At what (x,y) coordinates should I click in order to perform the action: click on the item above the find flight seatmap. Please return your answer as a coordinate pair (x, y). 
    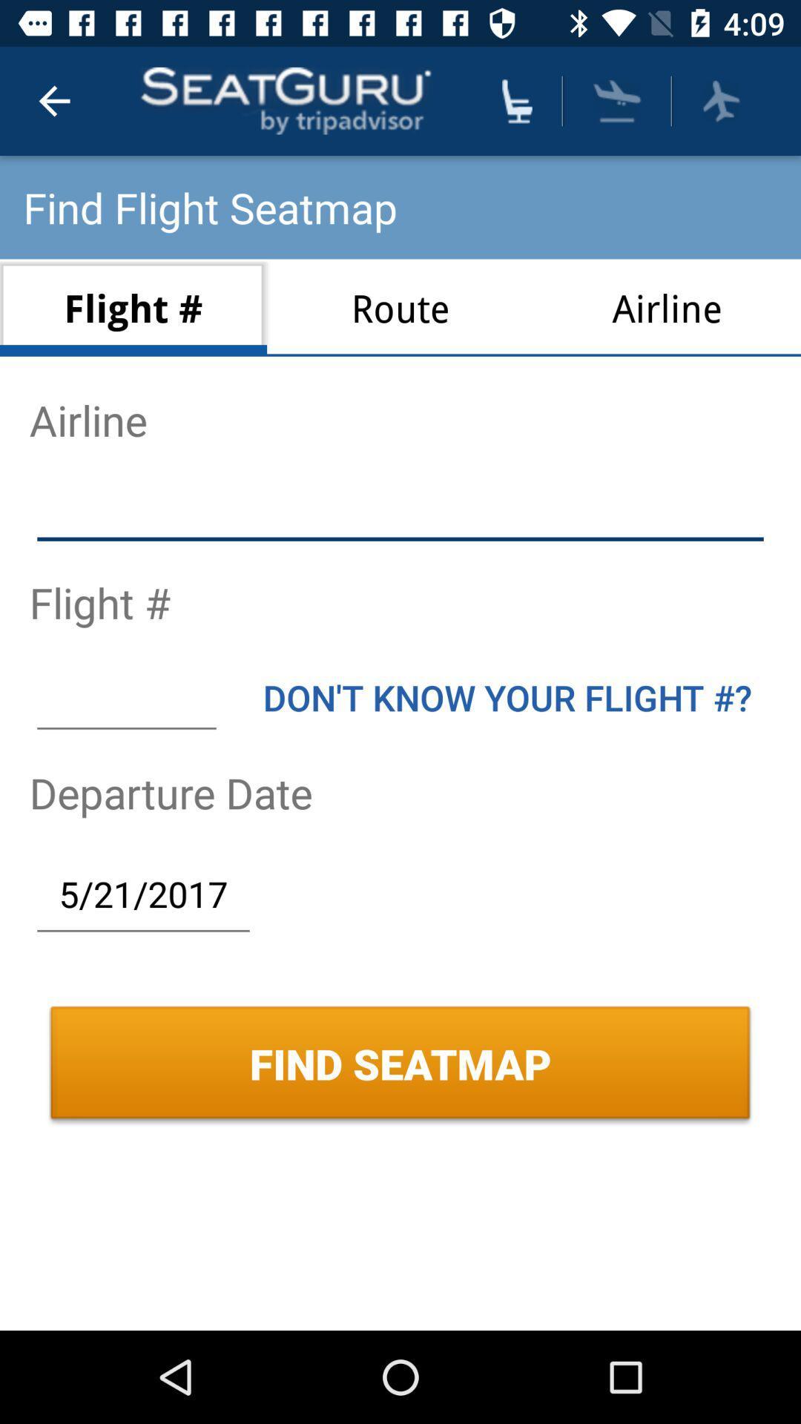
    Looking at the image, I should click on (53, 100).